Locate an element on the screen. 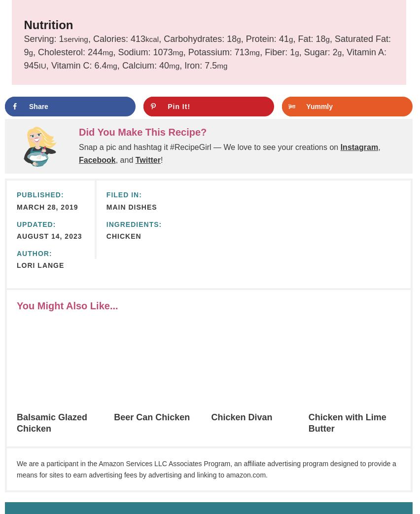  'Calcium:' is located at coordinates (140, 65).